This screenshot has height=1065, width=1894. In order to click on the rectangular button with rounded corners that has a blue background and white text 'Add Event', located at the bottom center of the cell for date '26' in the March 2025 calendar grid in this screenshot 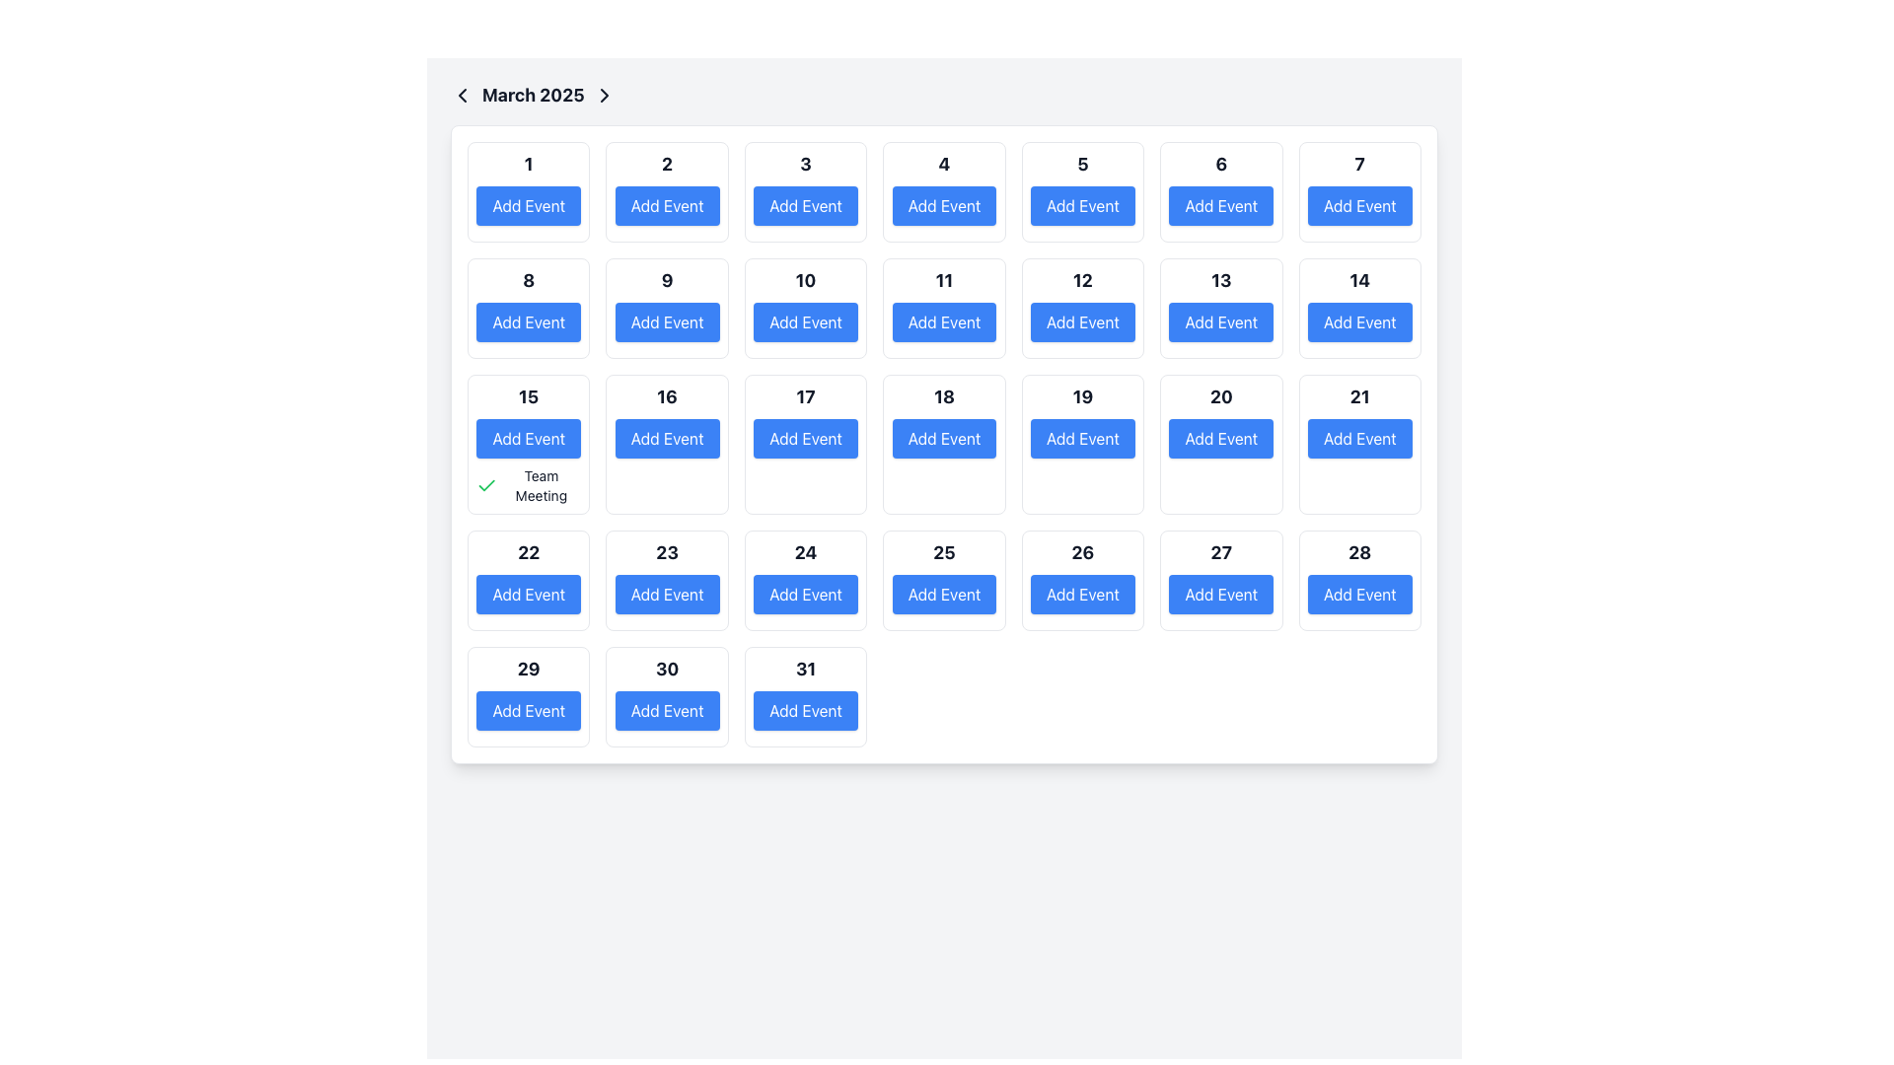, I will do `click(1081, 593)`.